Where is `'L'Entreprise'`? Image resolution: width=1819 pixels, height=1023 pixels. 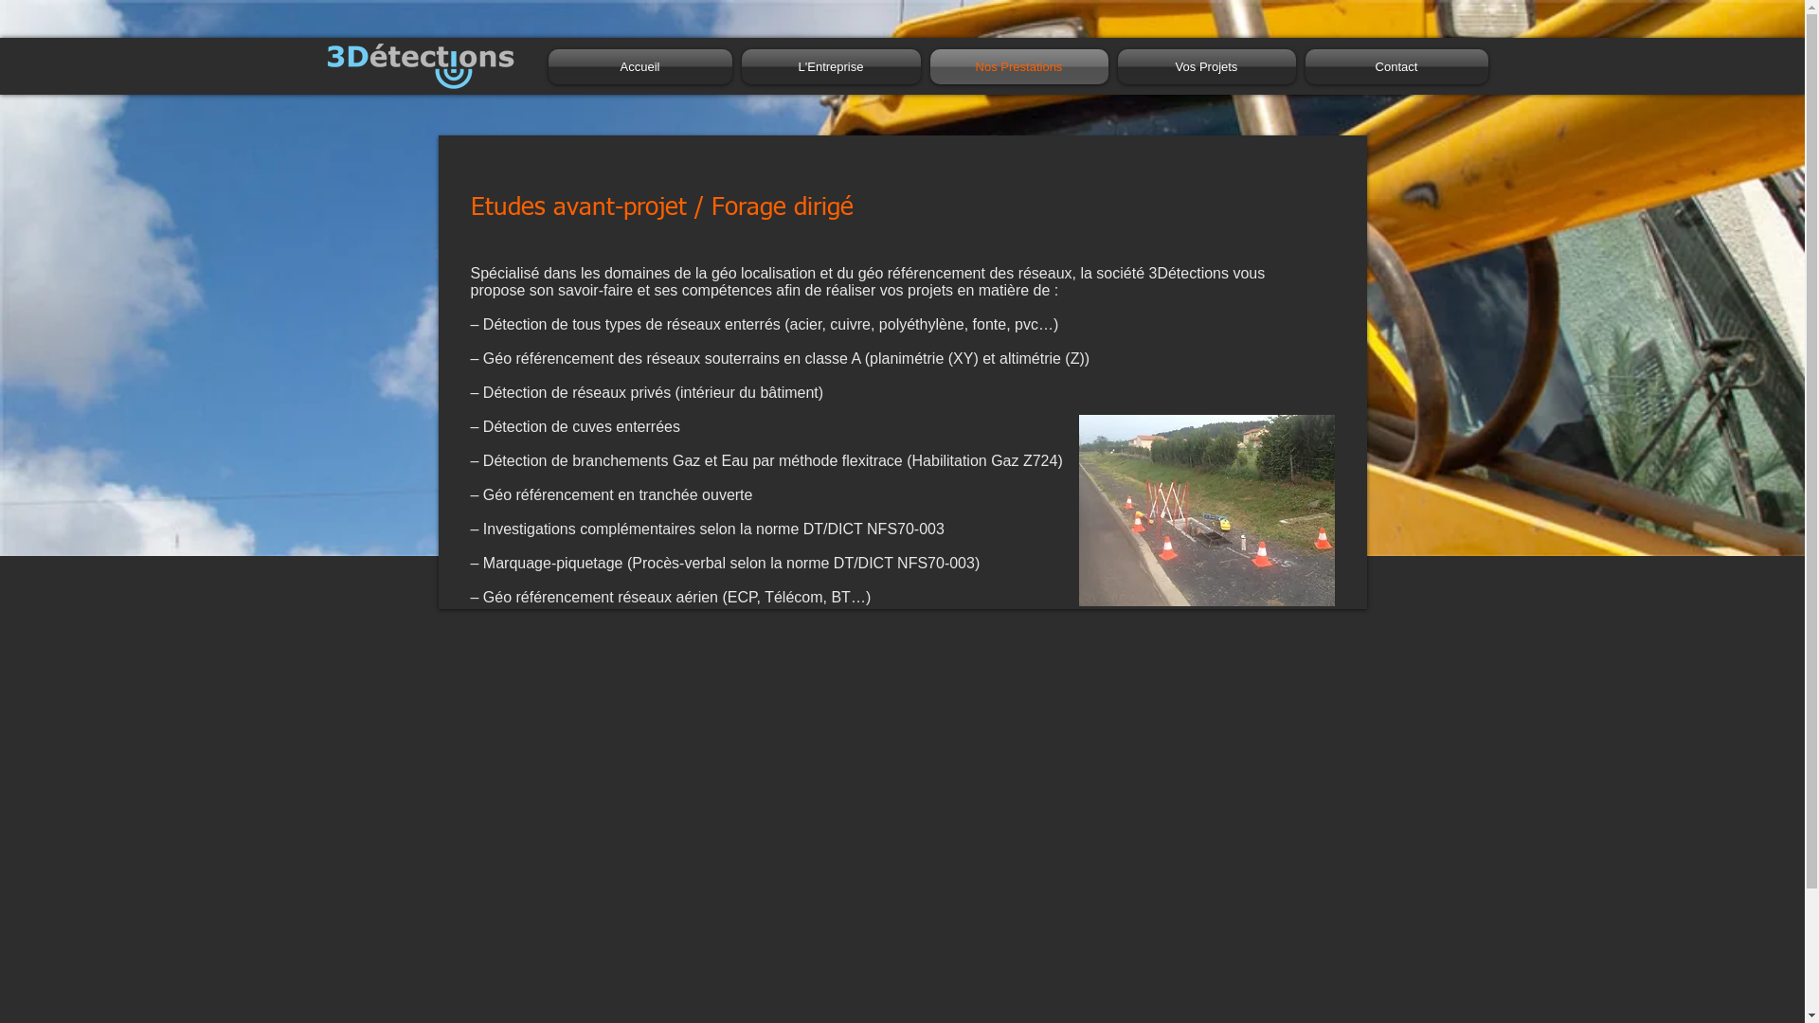 'L'Entreprise' is located at coordinates (735, 65).